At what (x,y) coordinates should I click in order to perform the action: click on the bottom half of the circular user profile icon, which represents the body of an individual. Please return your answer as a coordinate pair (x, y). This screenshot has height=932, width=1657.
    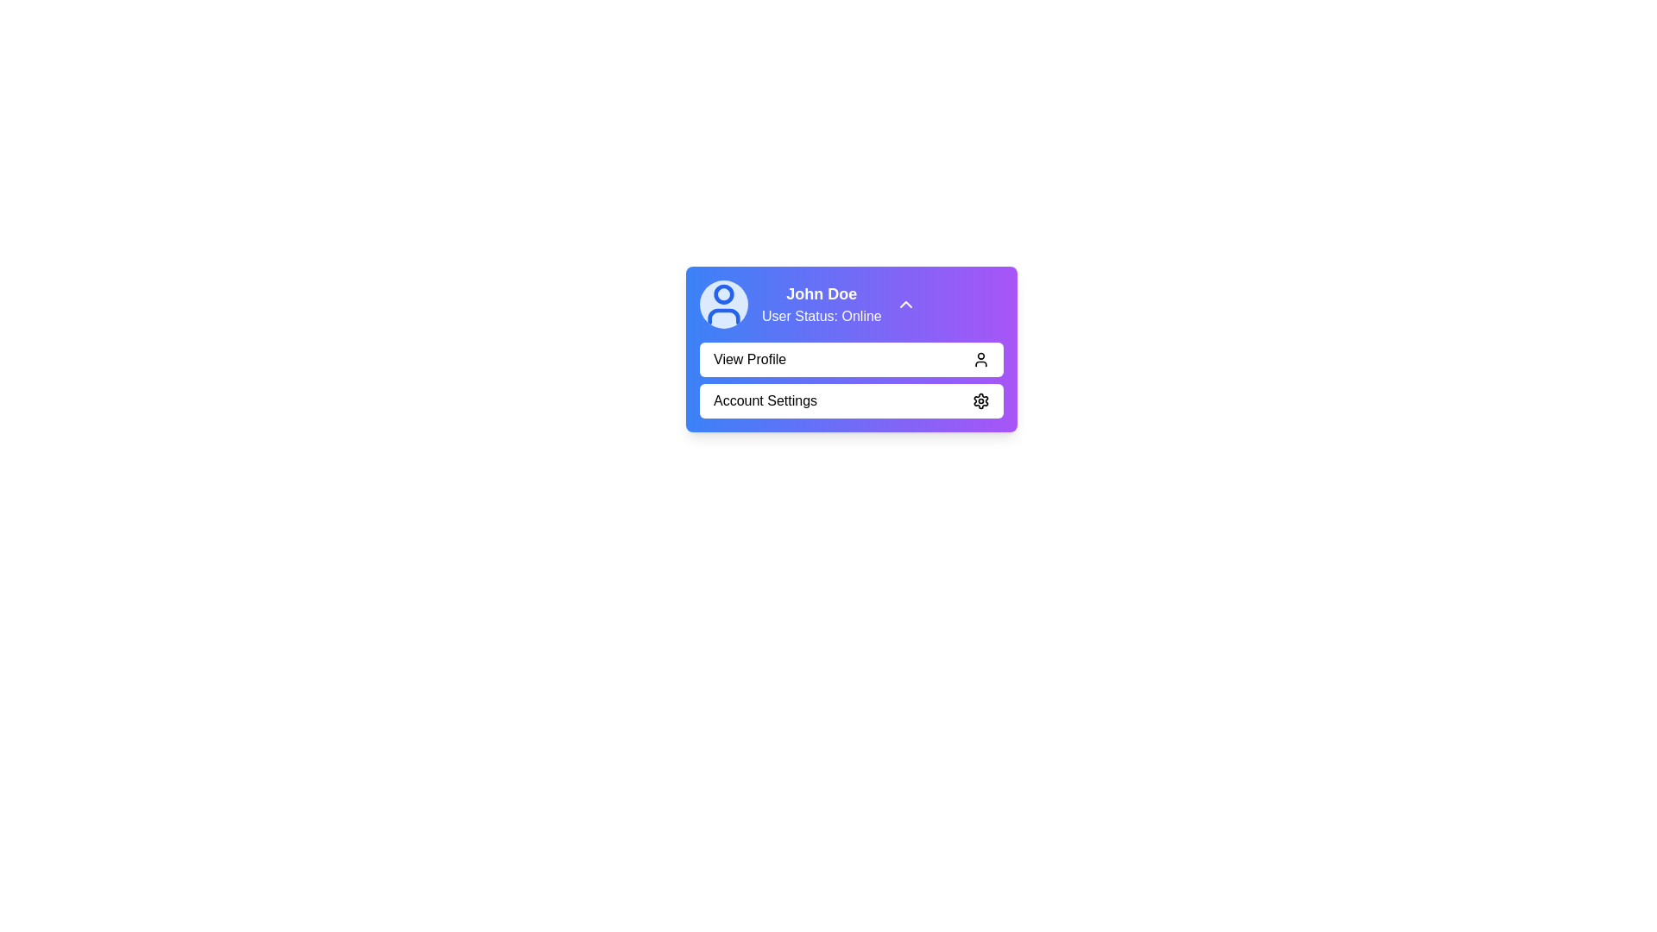
    Looking at the image, I should click on (724, 316).